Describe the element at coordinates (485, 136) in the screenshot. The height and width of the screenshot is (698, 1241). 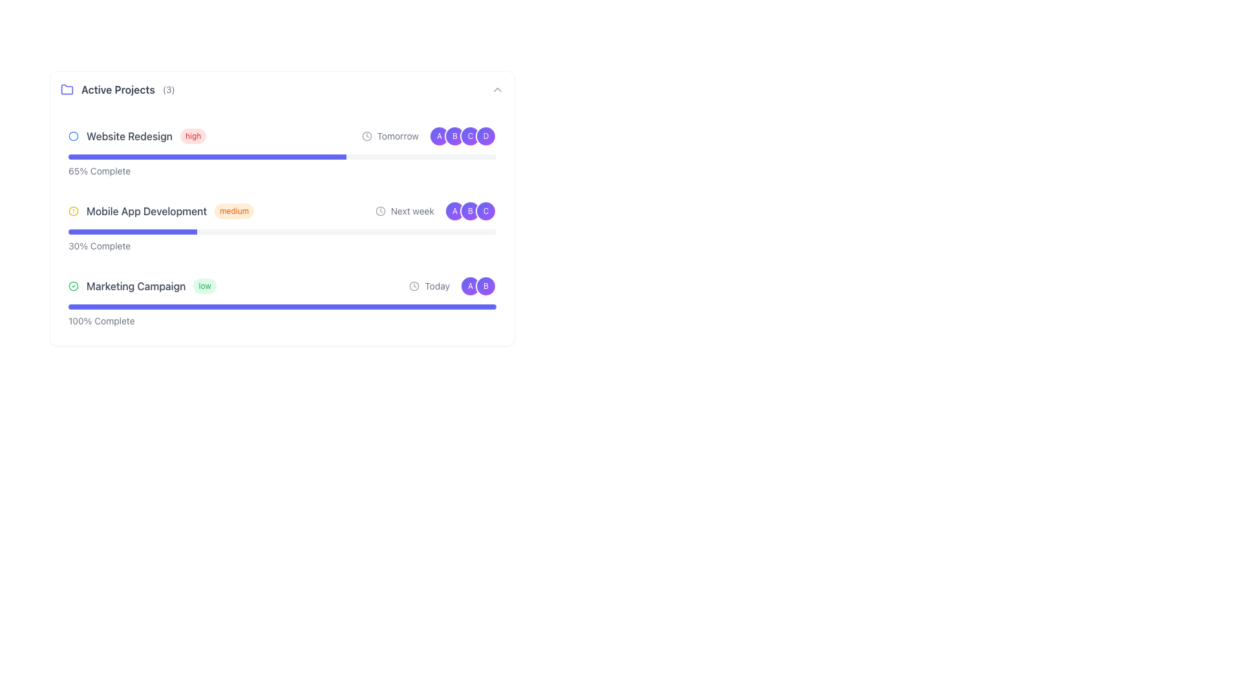
I see `the circular badge labeled 'D' in the 'Active Projects' section, which is the last badge in the sequence, to see the letter it represents` at that location.